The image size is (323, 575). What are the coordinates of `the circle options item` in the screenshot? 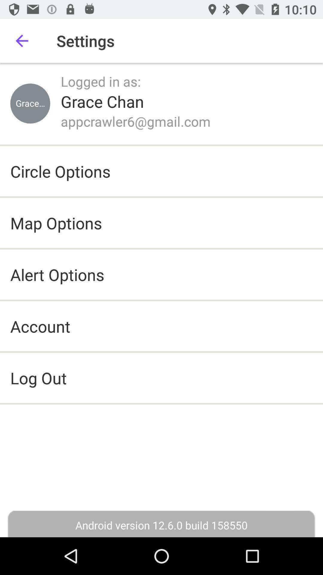 It's located at (60, 171).